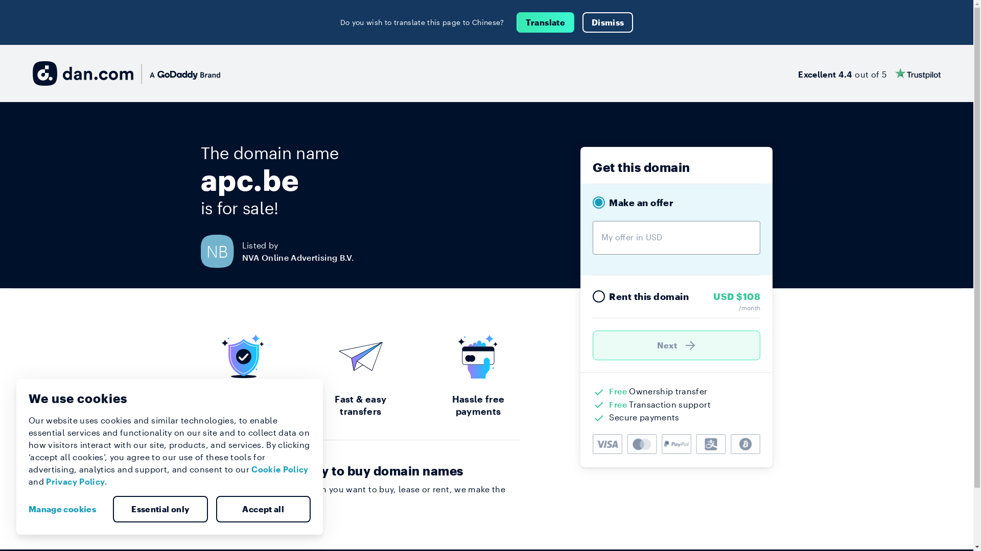  What do you see at coordinates (279, 469) in the screenshot?
I see `'Cookie Policy'` at bounding box center [279, 469].